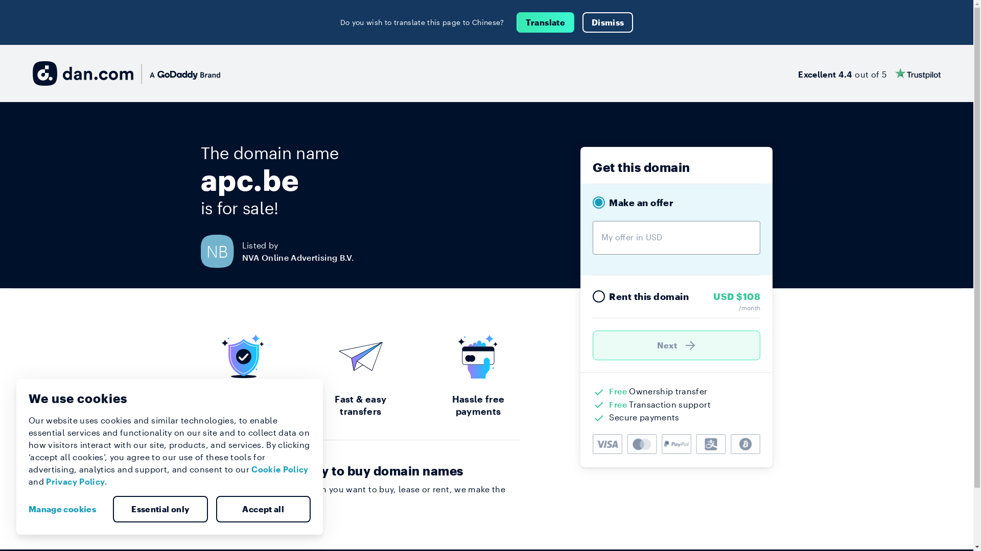  What do you see at coordinates (279, 469) in the screenshot?
I see `'Cookie Policy'` at bounding box center [279, 469].